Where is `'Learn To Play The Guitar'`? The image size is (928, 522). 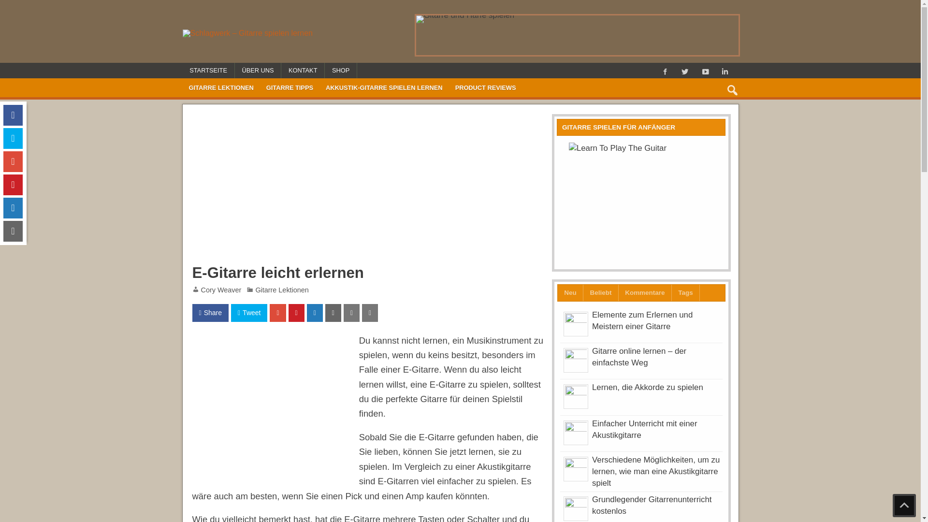
'Learn To Play The Guitar' is located at coordinates (568, 203).